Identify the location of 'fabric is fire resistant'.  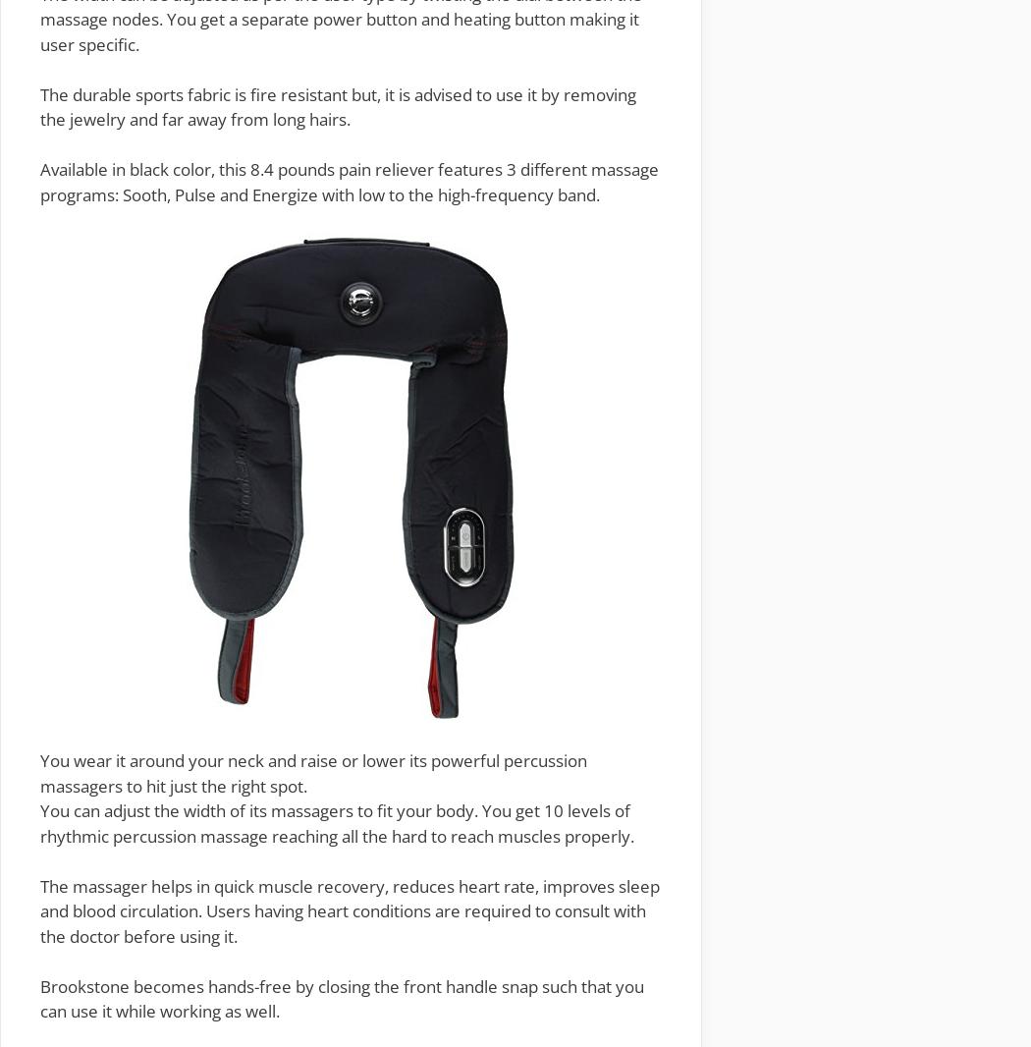
(264, 92).